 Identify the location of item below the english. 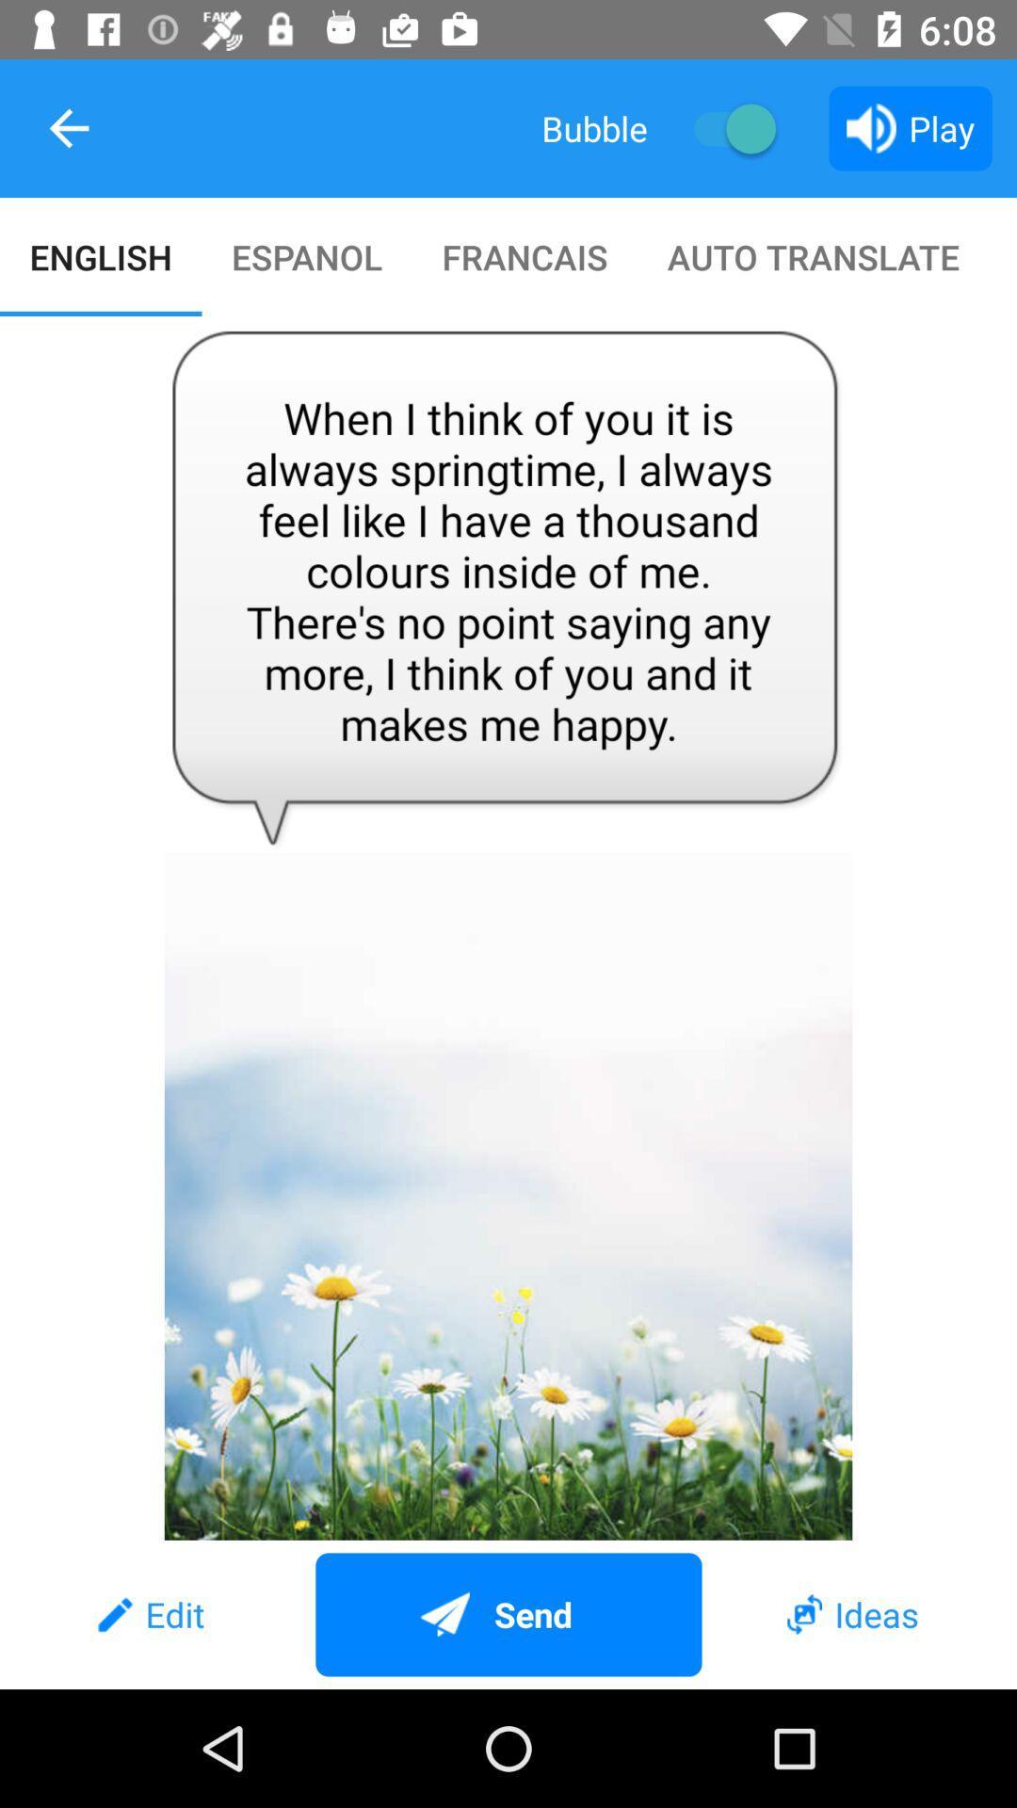
(508, 929).